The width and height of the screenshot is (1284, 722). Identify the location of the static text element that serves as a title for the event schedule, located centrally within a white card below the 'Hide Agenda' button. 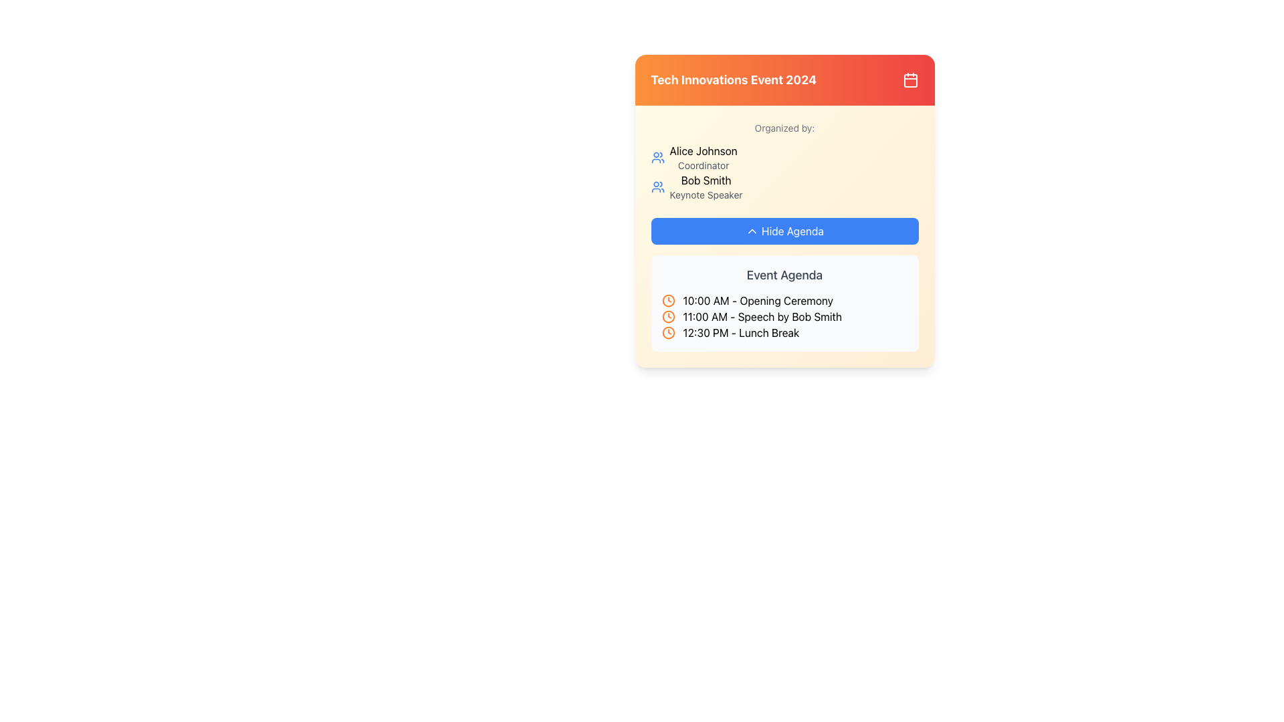
(784, 275).